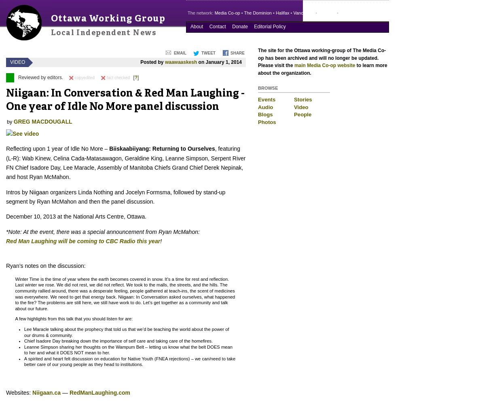 The image size is (480, 404). Describe the element at coordinates (269, 26) in the screenshot. I see `'Editorial Policy'` at that location.